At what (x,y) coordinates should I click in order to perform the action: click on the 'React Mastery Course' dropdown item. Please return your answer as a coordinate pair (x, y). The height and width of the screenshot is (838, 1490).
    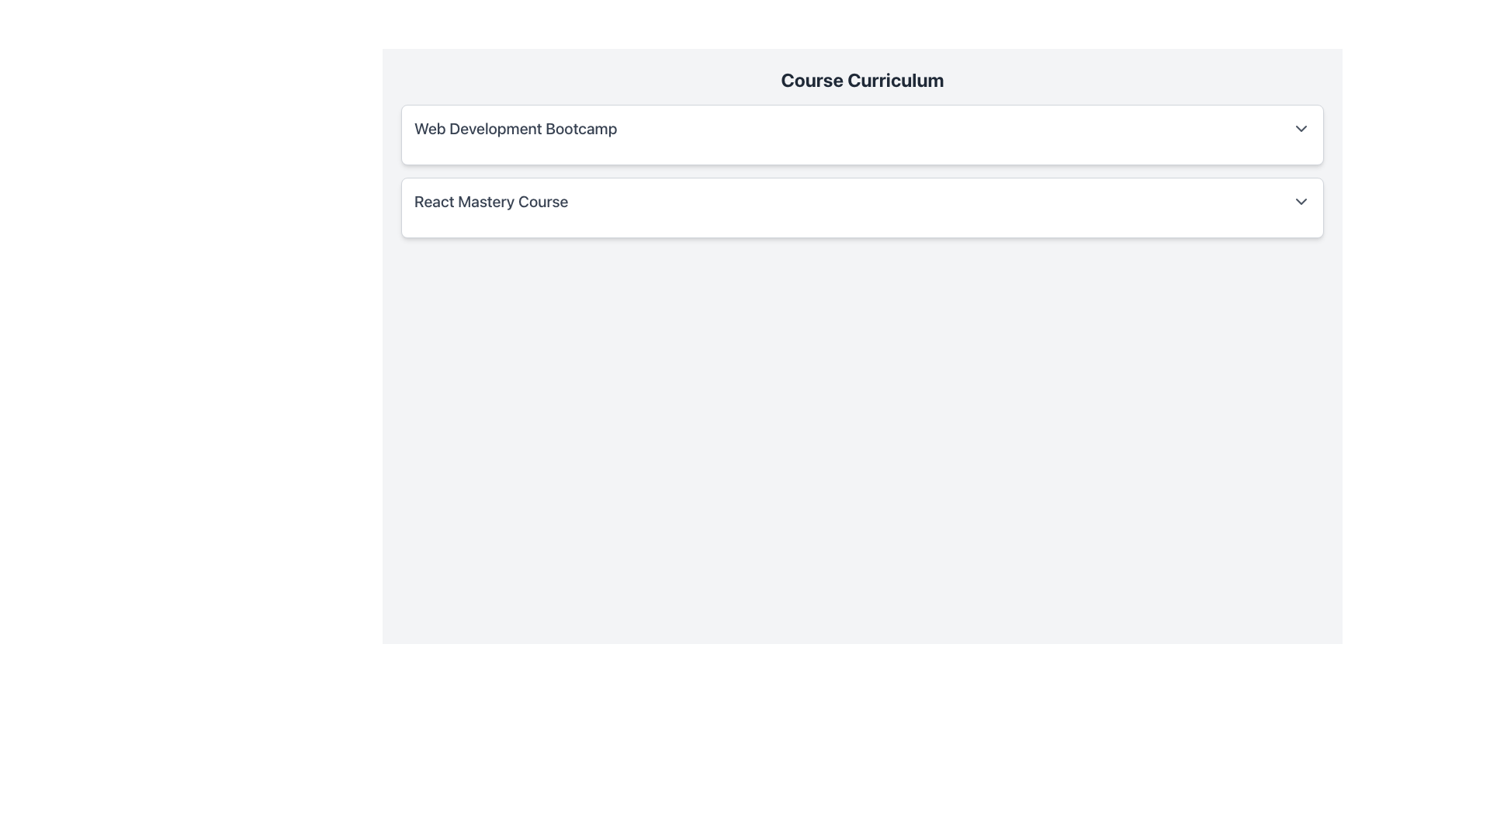
    Looking at the image, I should click on (861, 200).